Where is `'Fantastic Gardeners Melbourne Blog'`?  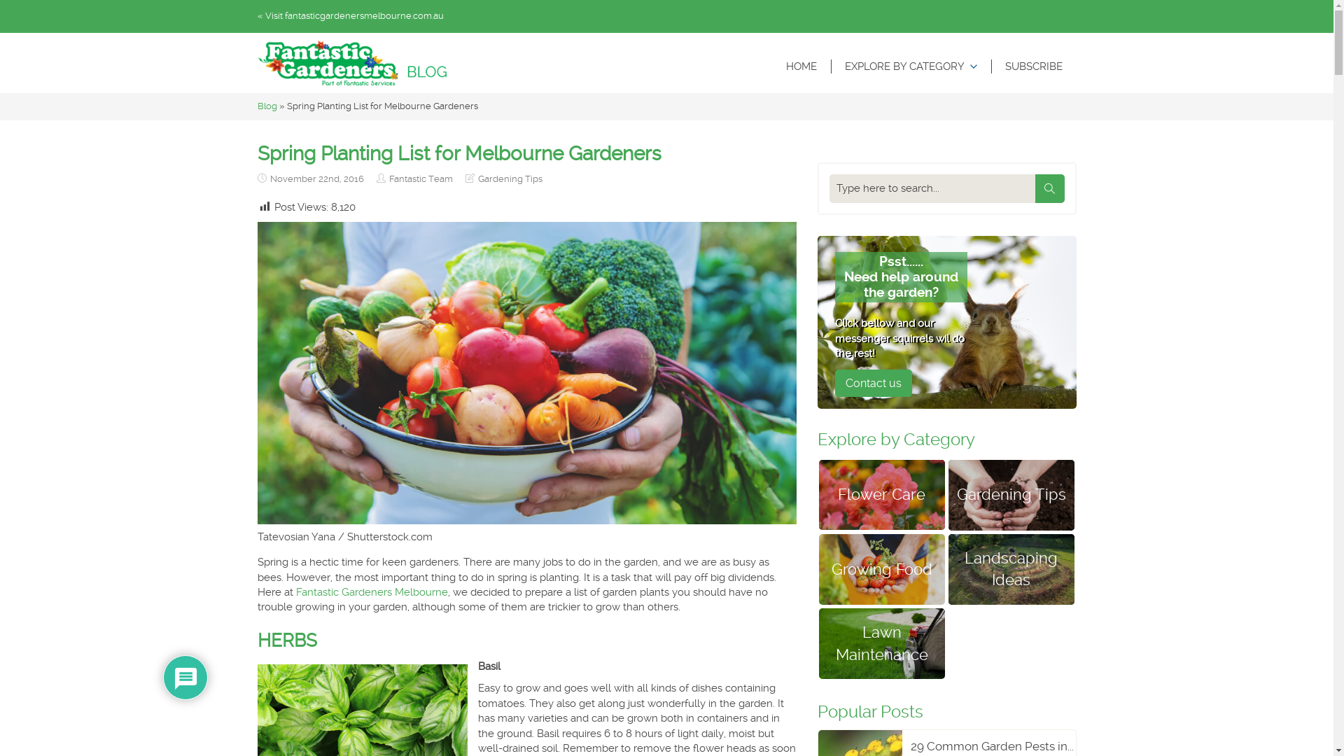
'Fantastic Gardeners Melbourne Blog' is located at coordinates (258, 63).